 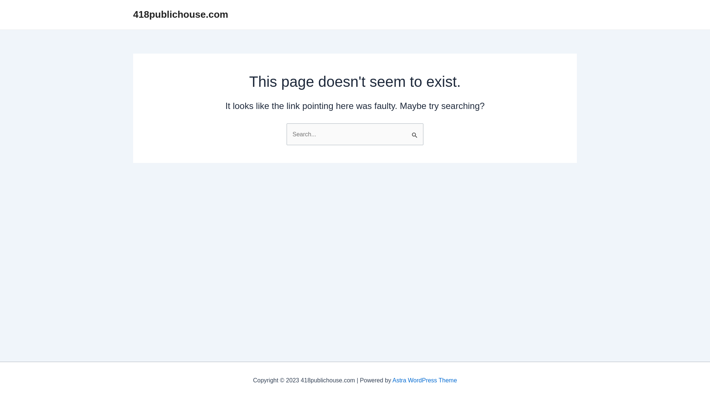 What do you see at coordinates (415, 130) in the screenshot?
I see `'Search'` at bounding box center [415, 130].